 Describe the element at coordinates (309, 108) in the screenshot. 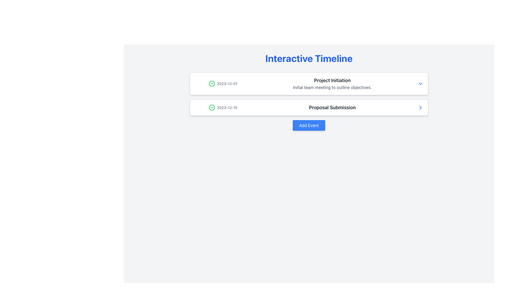

I see `the Event List Item displaying '2023-12-10' with a green check icon and 'Proposal Submission' in bold, located in the second row of the event list` at that location.